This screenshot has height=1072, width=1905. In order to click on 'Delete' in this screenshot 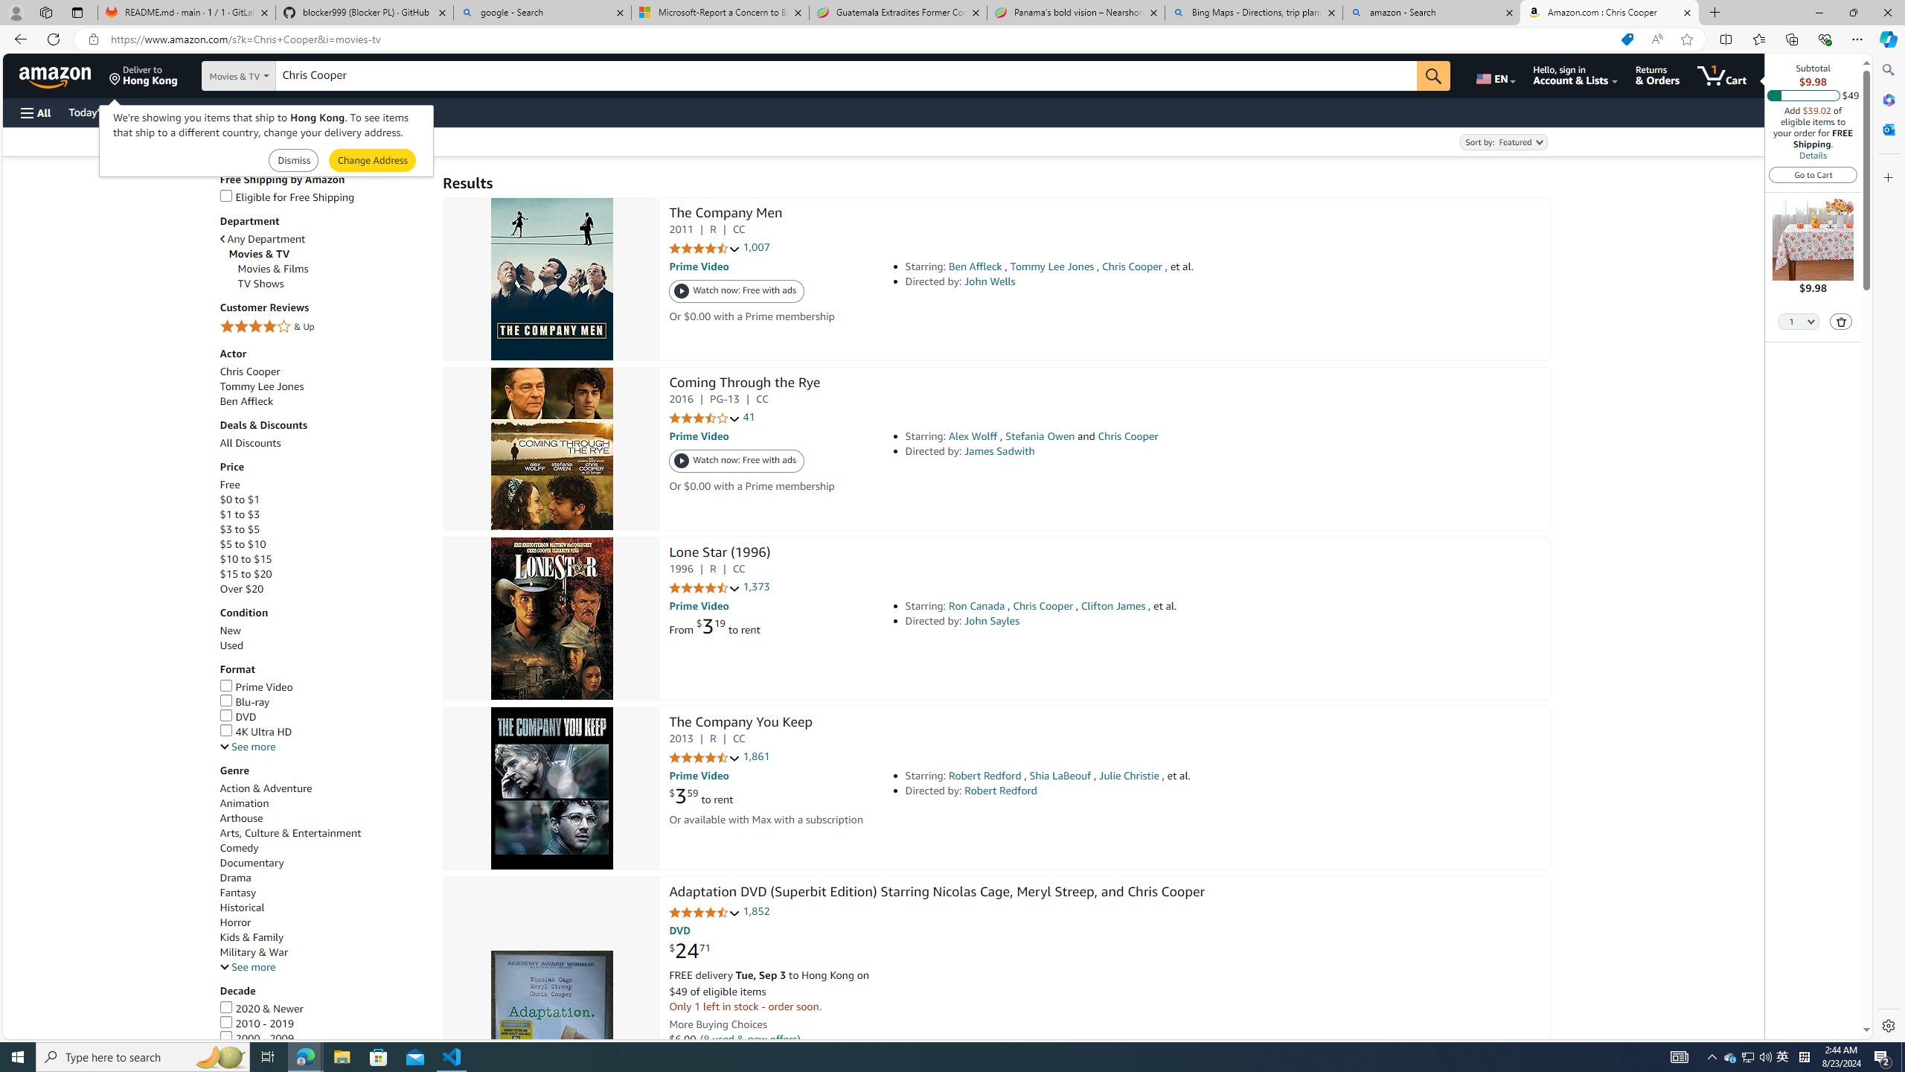, I will do `click(1841, 322)`.